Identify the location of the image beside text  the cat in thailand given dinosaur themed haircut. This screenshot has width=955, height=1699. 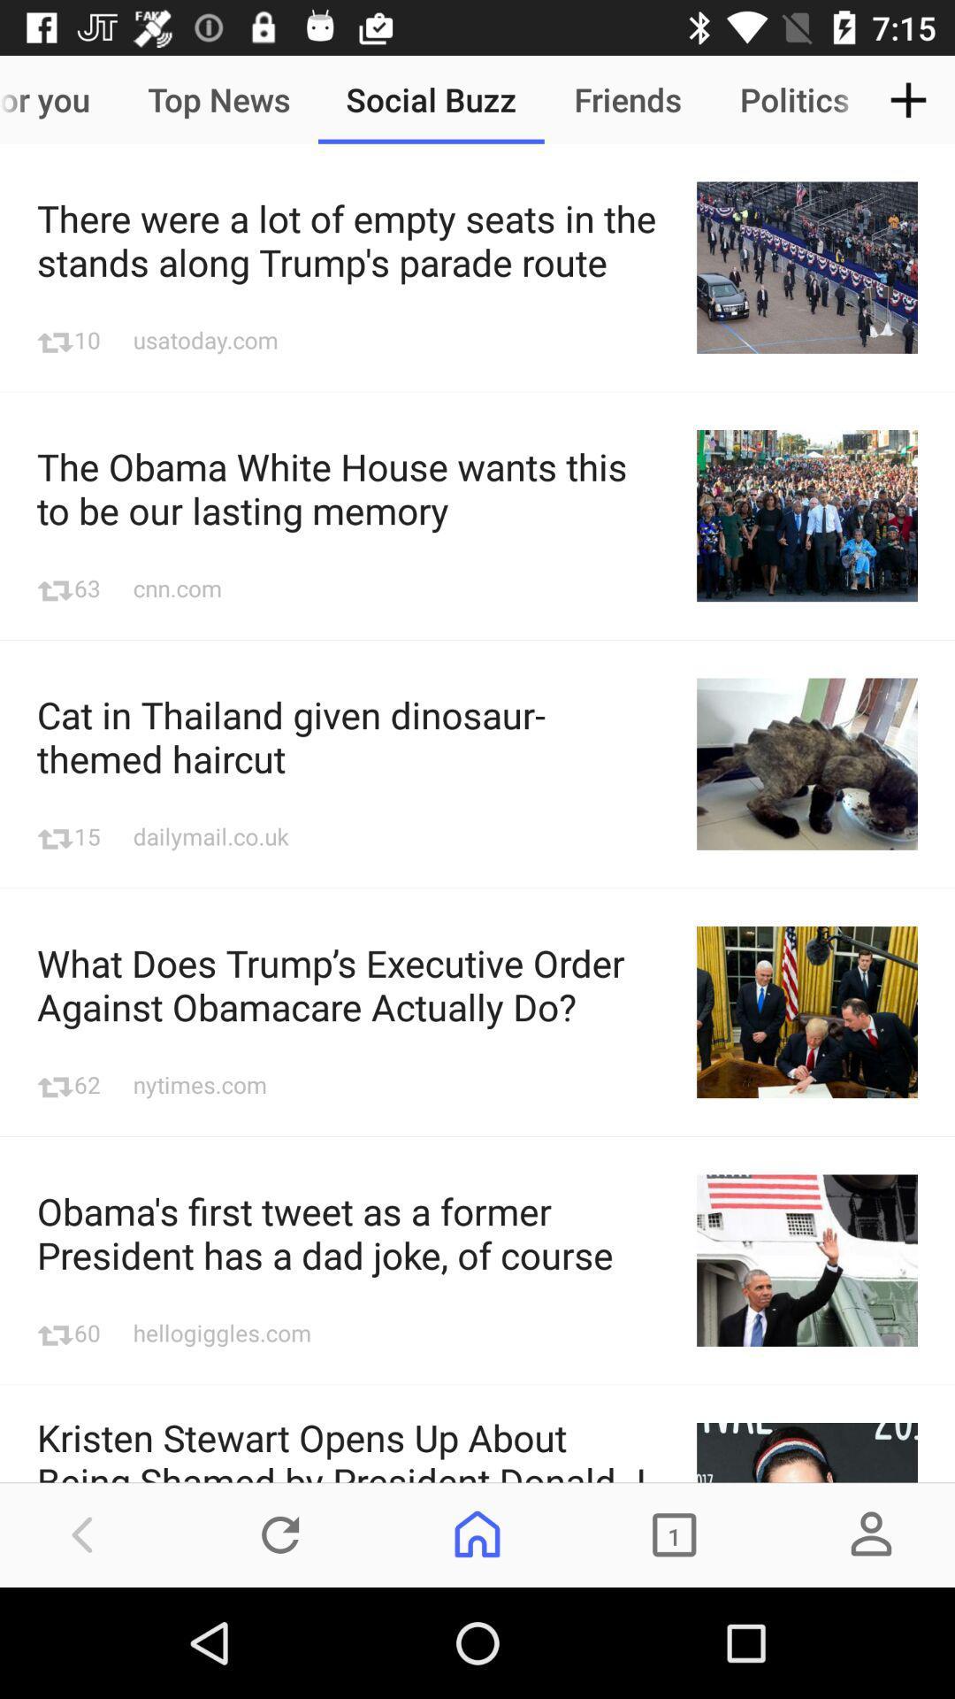
(807, 765).